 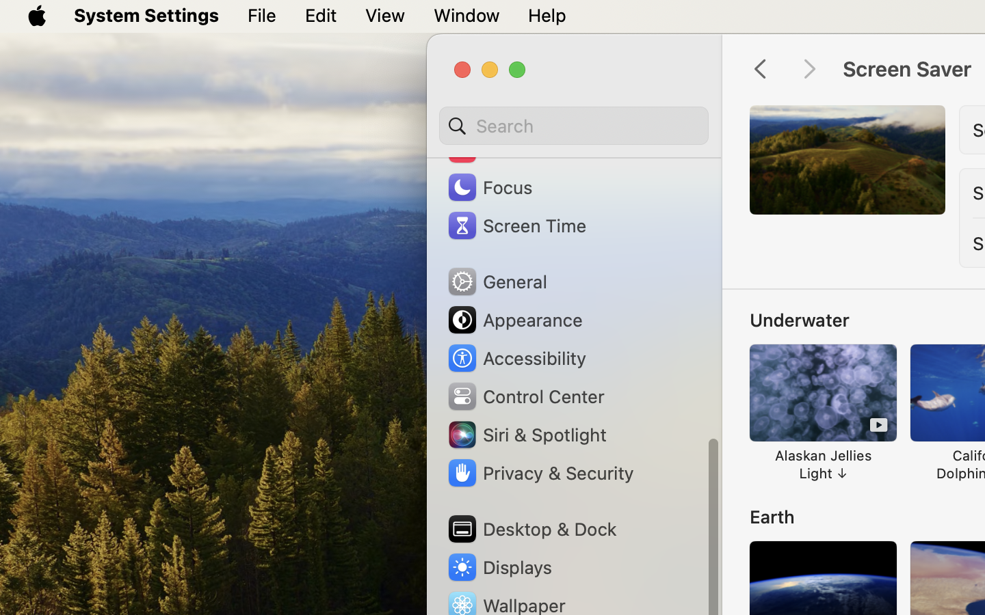 What do you see at coordinates (515, 357) in the screenshot?
I see `'Accessibility'` at bounding box center [515, 357].